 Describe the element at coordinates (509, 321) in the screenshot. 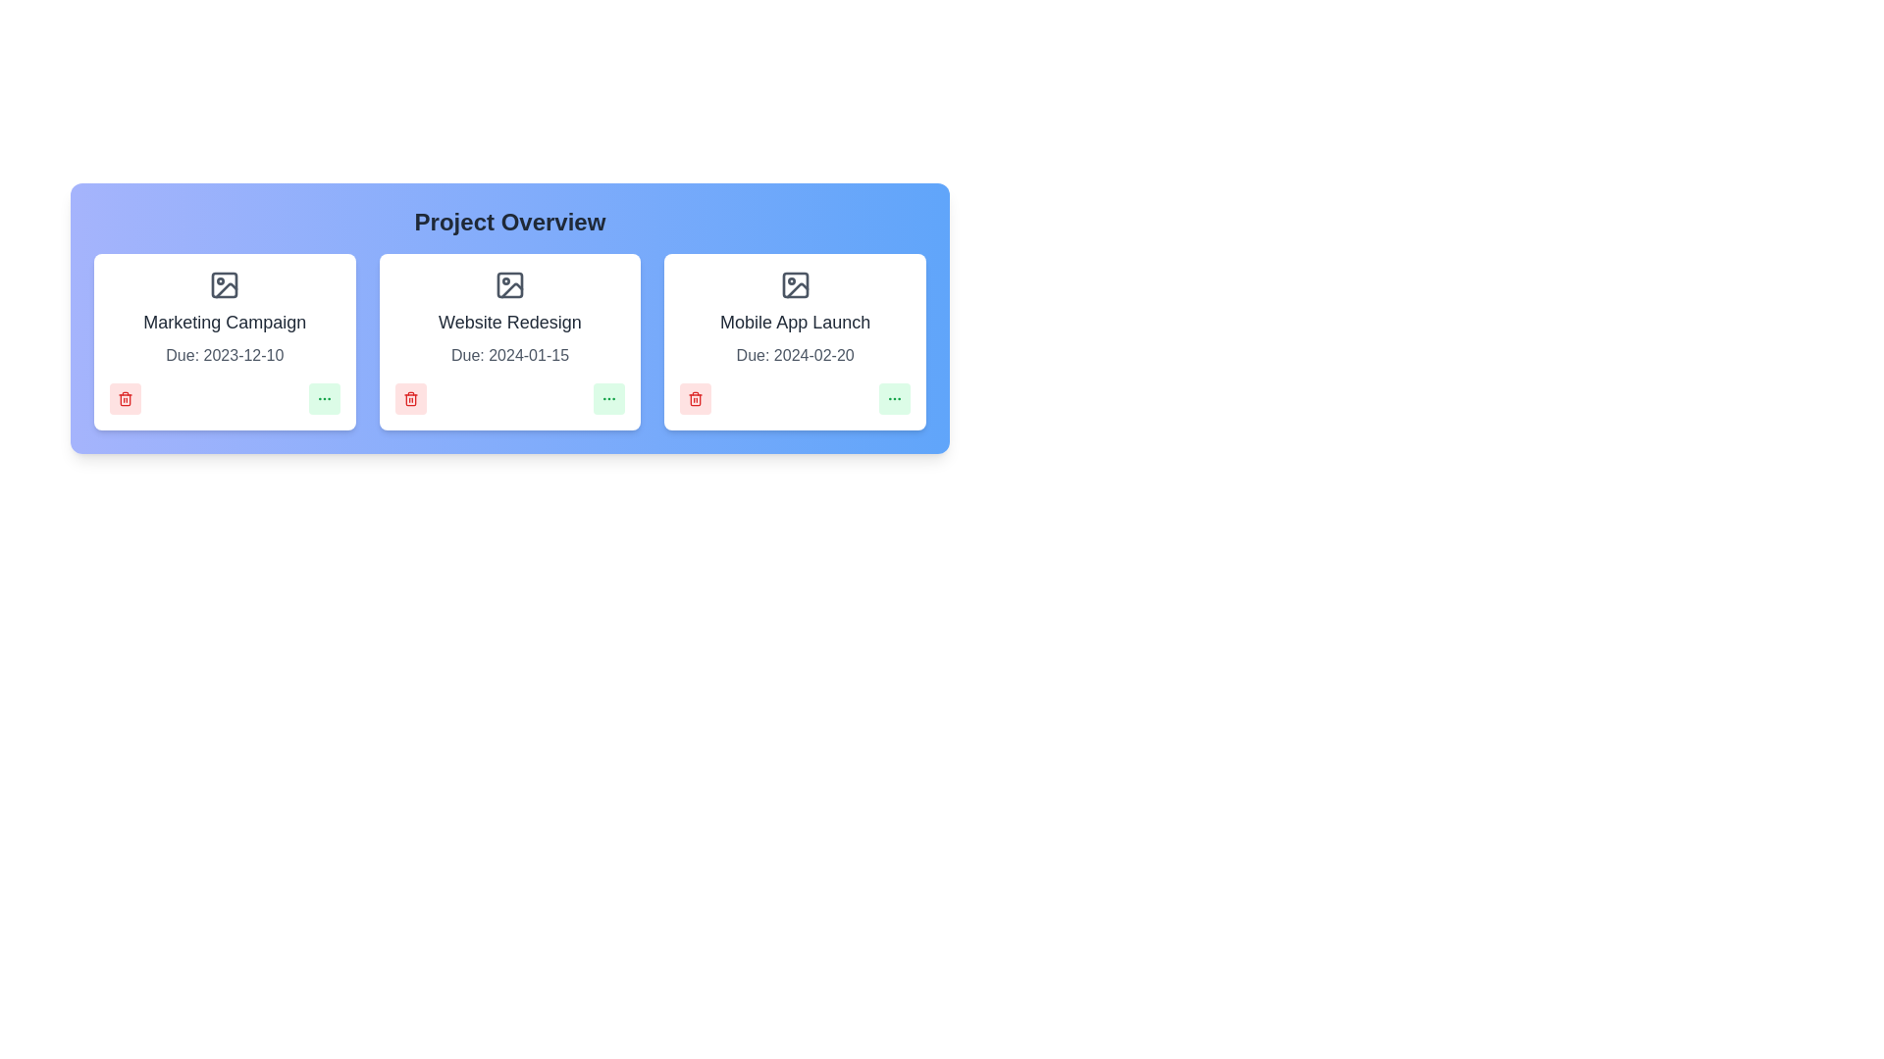

I see `the project name Website Redesign by clicking on it` at that location.